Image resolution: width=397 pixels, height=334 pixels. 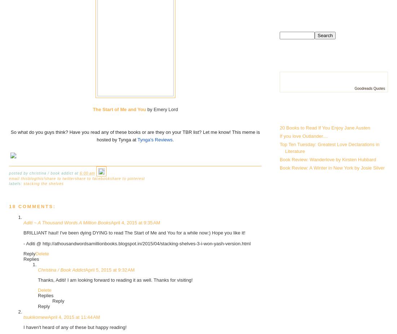 What do you see at coordinates (173, 139) in the screenshot?
I see `'.'` at bounding box center [173, 139].